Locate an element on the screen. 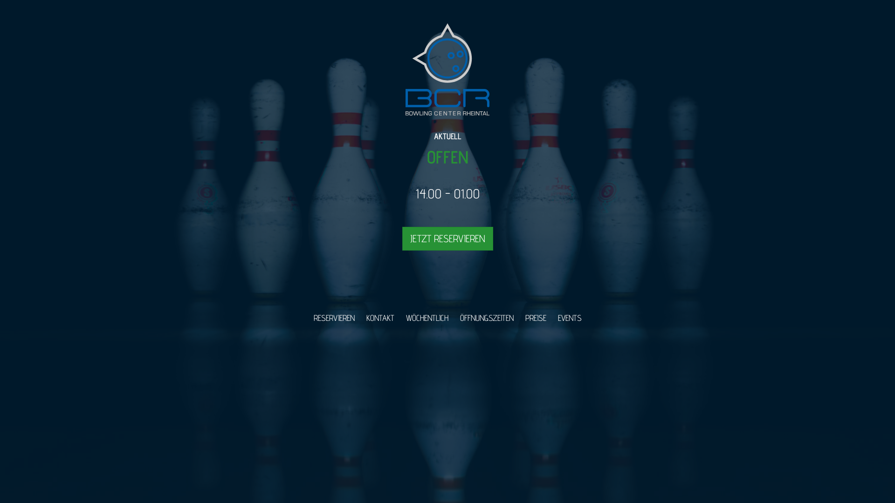 This screenshot has width=895, height=503. 'RESERVIEREN' is located at coordinates (333, 317).